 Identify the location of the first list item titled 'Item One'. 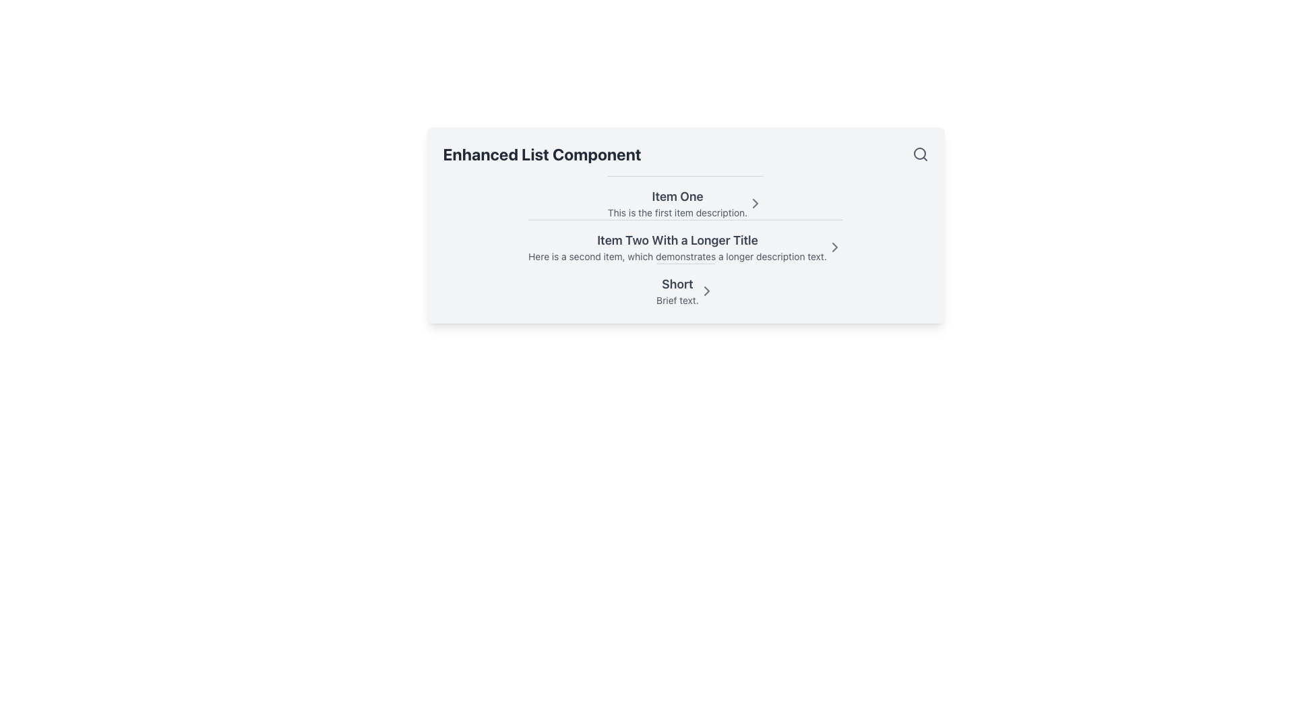
(685, 198).